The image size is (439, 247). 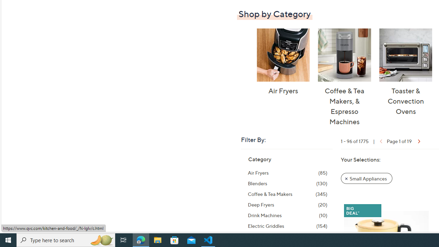 I want to click on 'Air Fryers, 85 items', so click(x=287, y=172).